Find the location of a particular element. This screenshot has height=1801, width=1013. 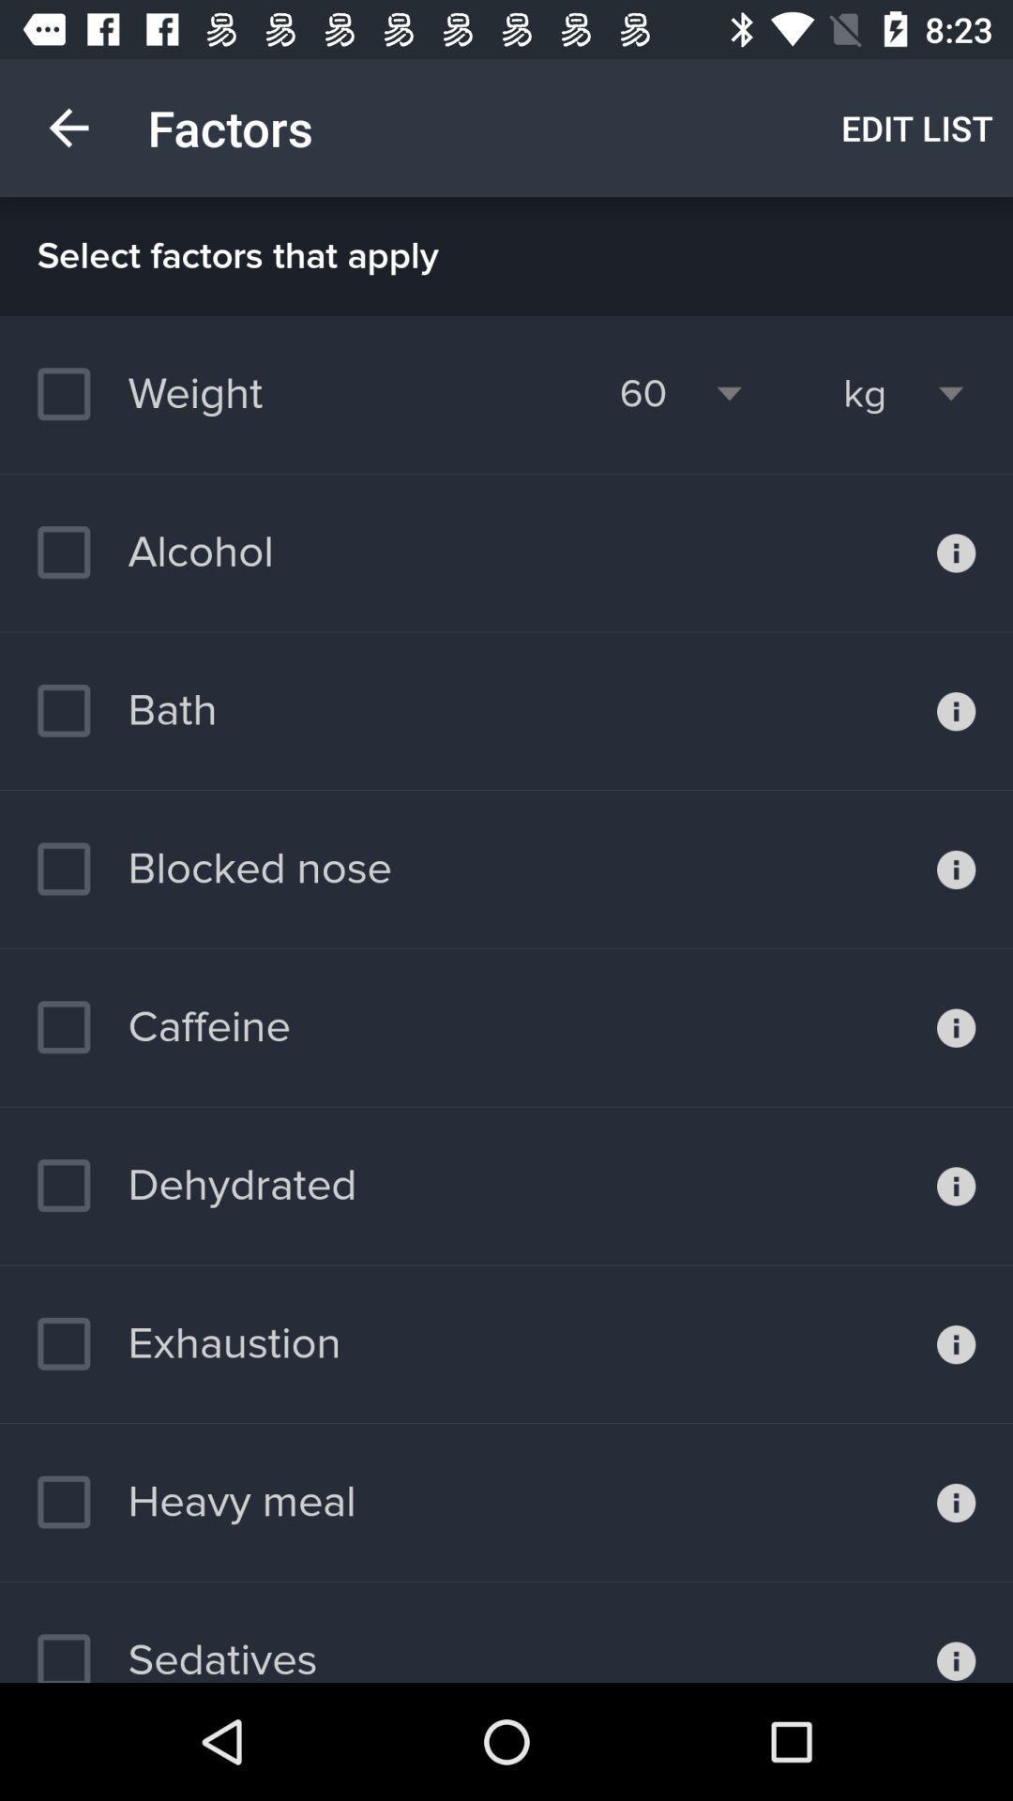

additional information is located at coordinates (956, 1185).